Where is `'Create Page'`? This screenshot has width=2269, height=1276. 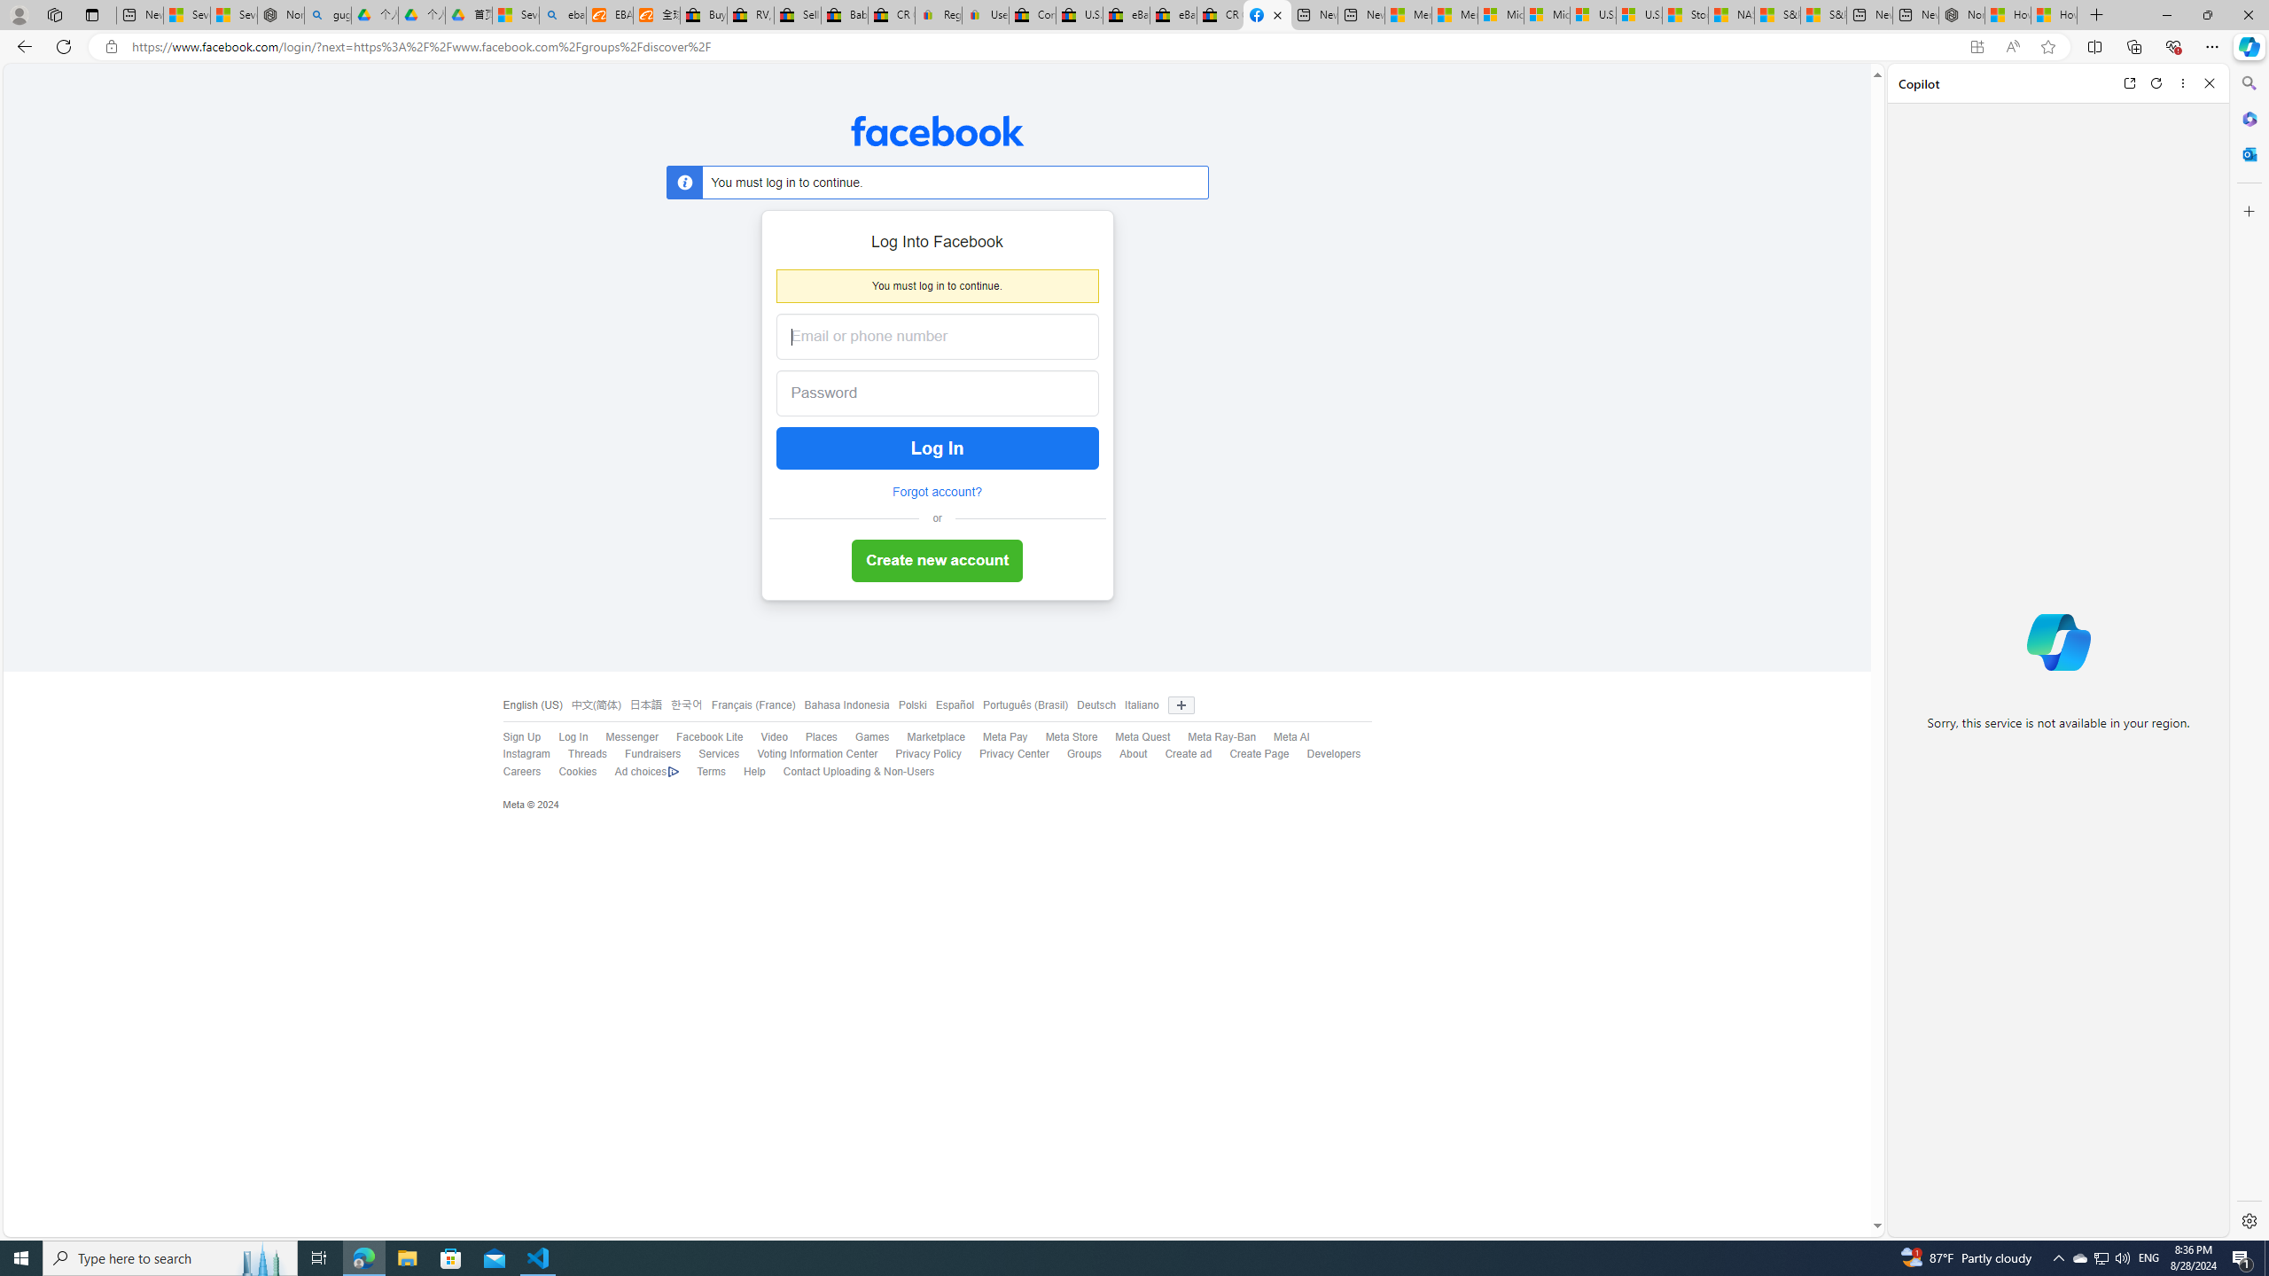
'Create Page' is located at coordinates (1258, 753).